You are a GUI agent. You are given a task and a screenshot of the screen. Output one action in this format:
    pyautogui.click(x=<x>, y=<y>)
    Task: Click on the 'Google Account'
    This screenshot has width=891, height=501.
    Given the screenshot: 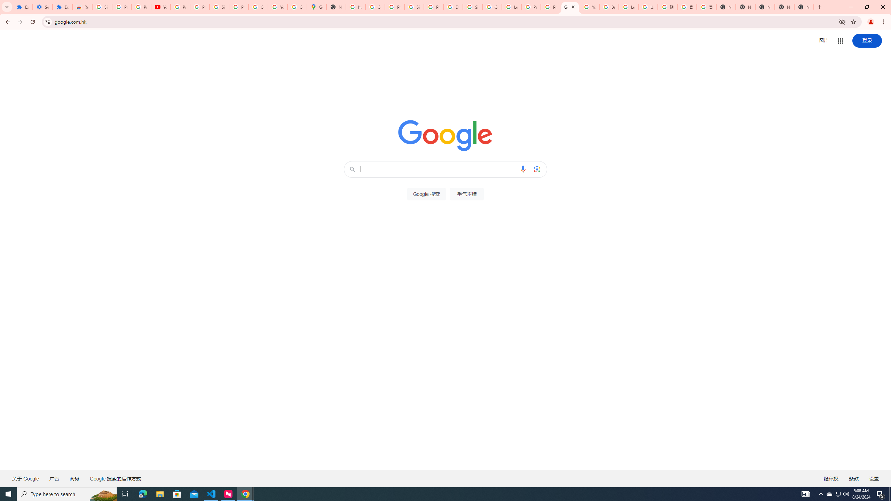 What is the action you would take?
    pyautogui.click(x=258, y=7)
    